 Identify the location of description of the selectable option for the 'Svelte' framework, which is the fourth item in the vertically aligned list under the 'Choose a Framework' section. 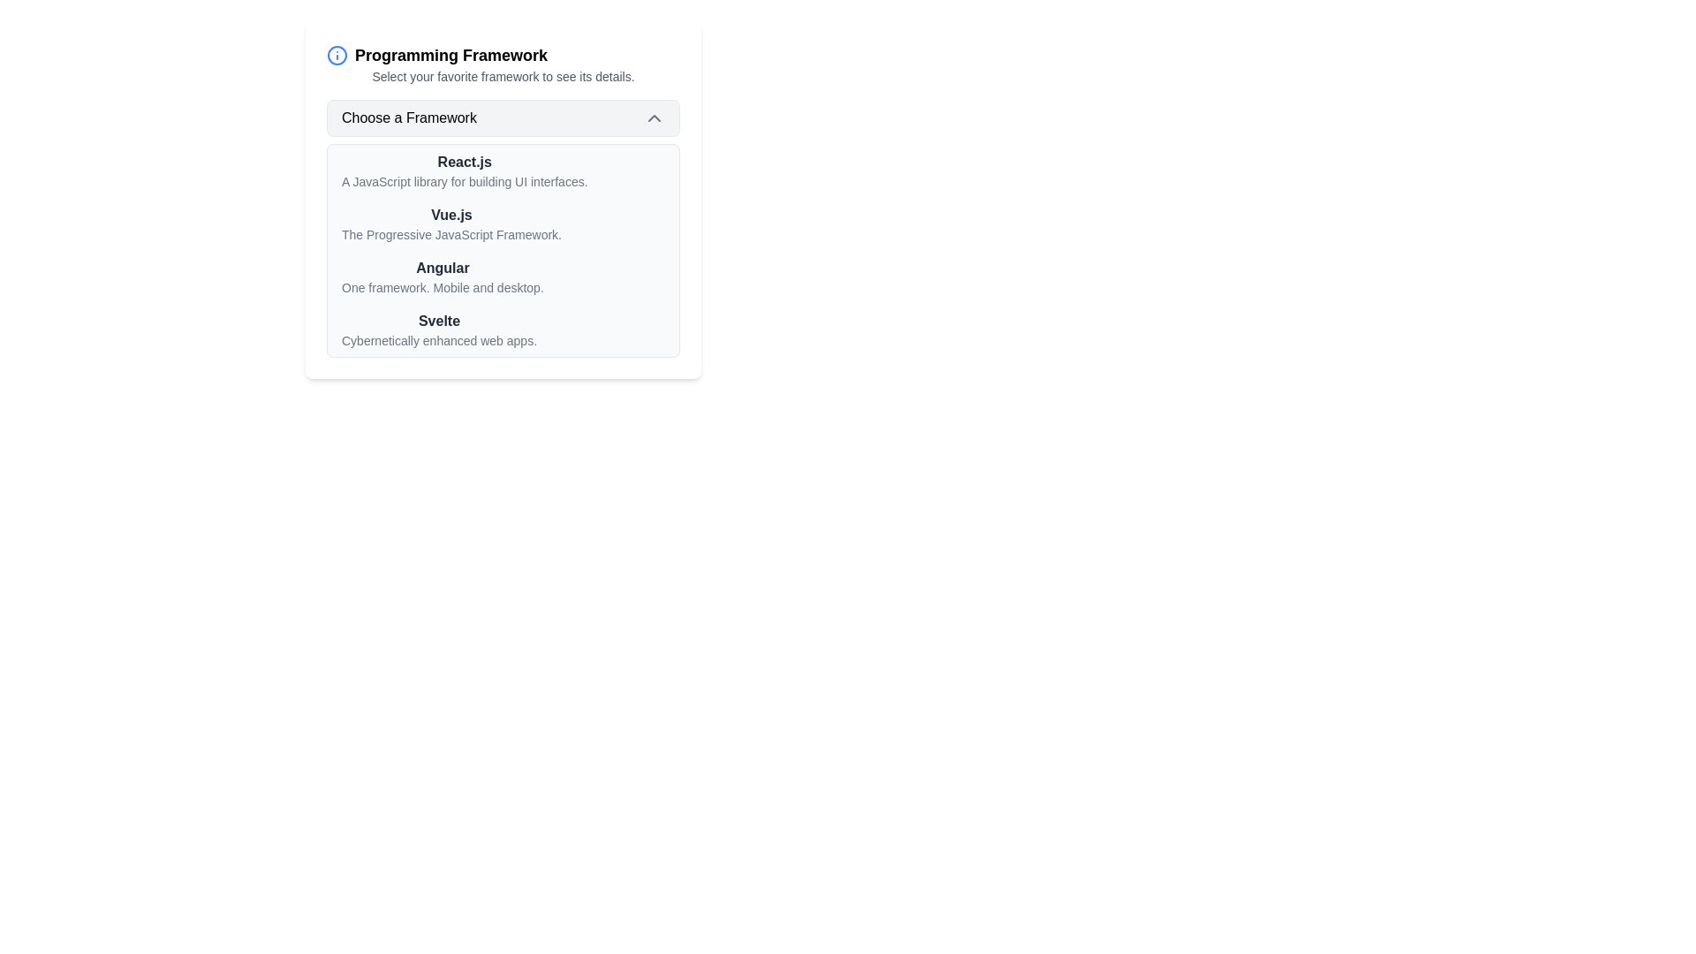
(439, 330).